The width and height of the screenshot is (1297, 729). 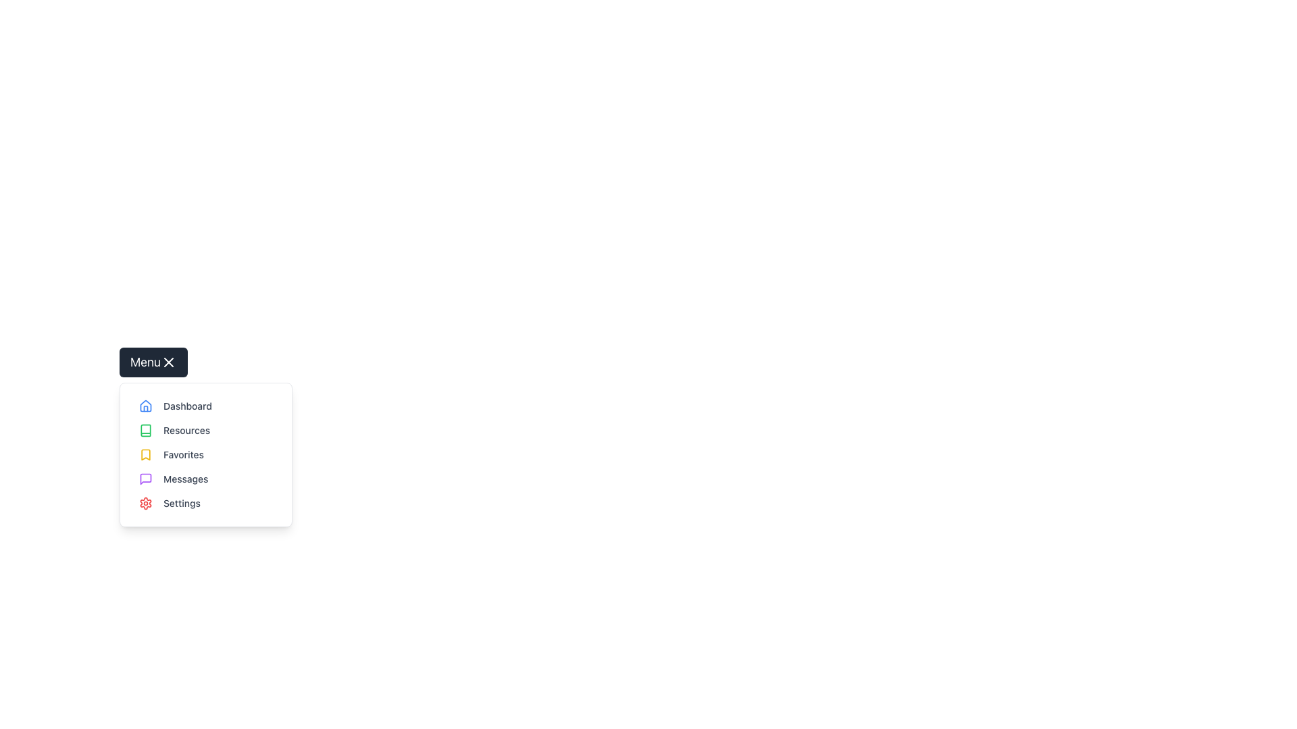 What do you see at coordinates (146, 478) in the screenshot?
I see `the speech bubble icon with a purple color scheme, located next to the 'Messages' label in the vertical menu layout` at bounding box center [146, 478].